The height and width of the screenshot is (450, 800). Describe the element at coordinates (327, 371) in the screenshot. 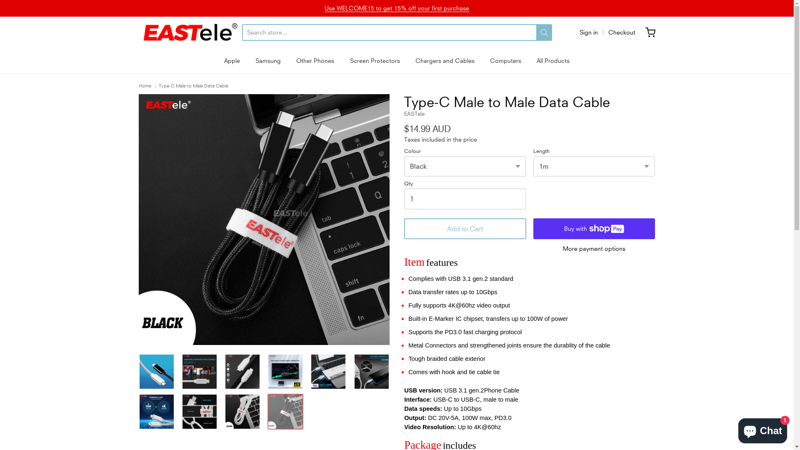

I see `'Type-C Male to Male Data Cable'` at that location.